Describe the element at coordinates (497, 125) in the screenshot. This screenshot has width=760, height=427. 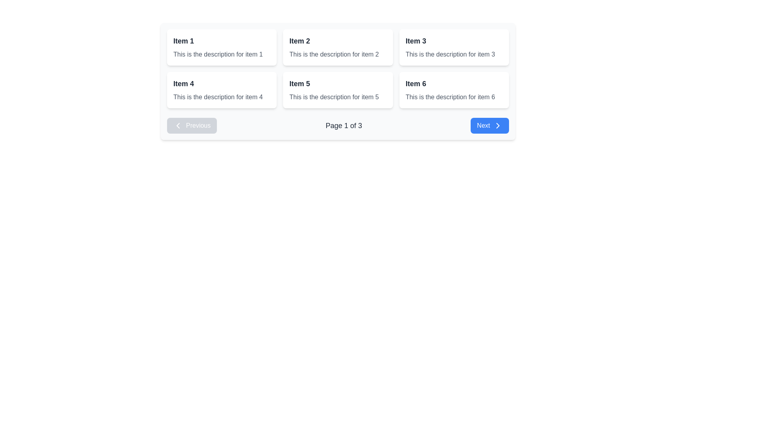
I see `the 'Next' button located at the bottom-right corner, which contains a small right-pointing chevron icon` at that location.